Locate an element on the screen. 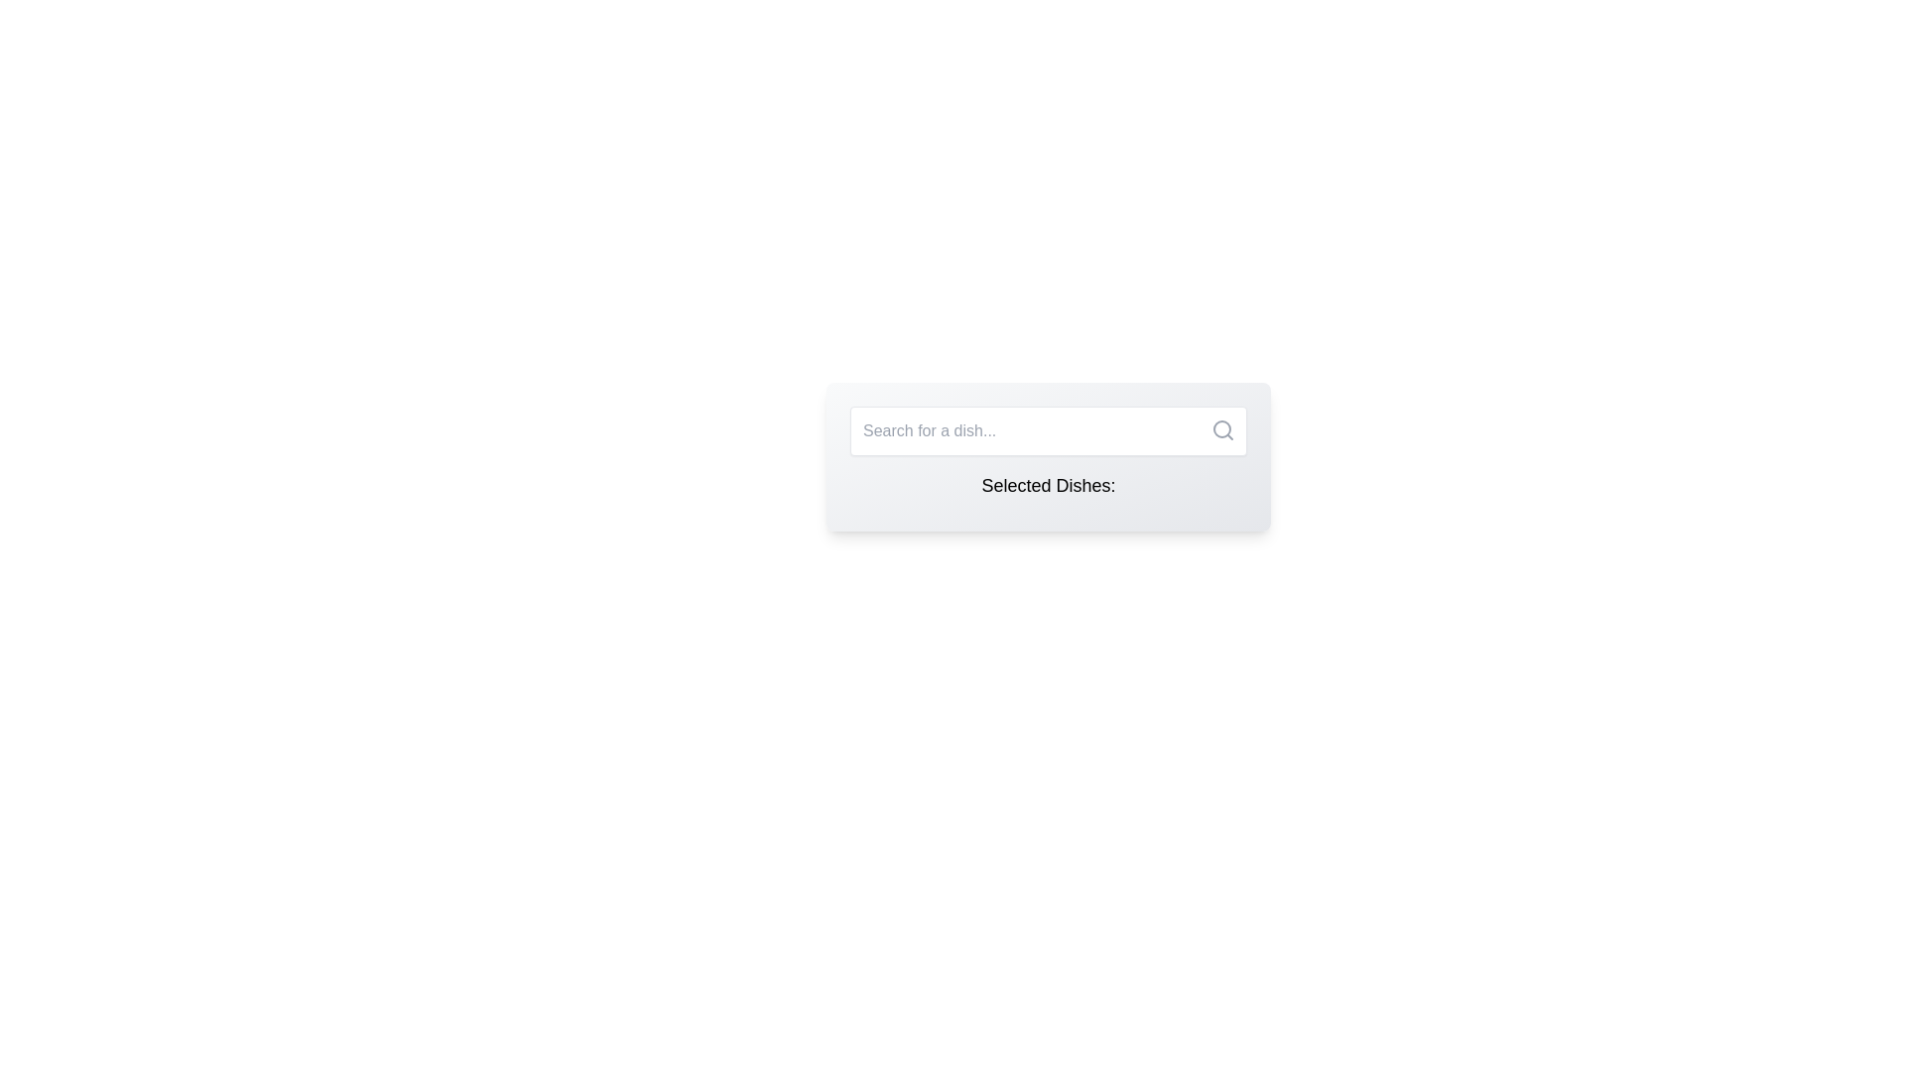 This screenshot has width=1905, height=1071. the magnifying glass icon, which is styled with a circular frame and a protruding handle, located at the top-right corner of the search input field is located at coordinates (1222, 429).